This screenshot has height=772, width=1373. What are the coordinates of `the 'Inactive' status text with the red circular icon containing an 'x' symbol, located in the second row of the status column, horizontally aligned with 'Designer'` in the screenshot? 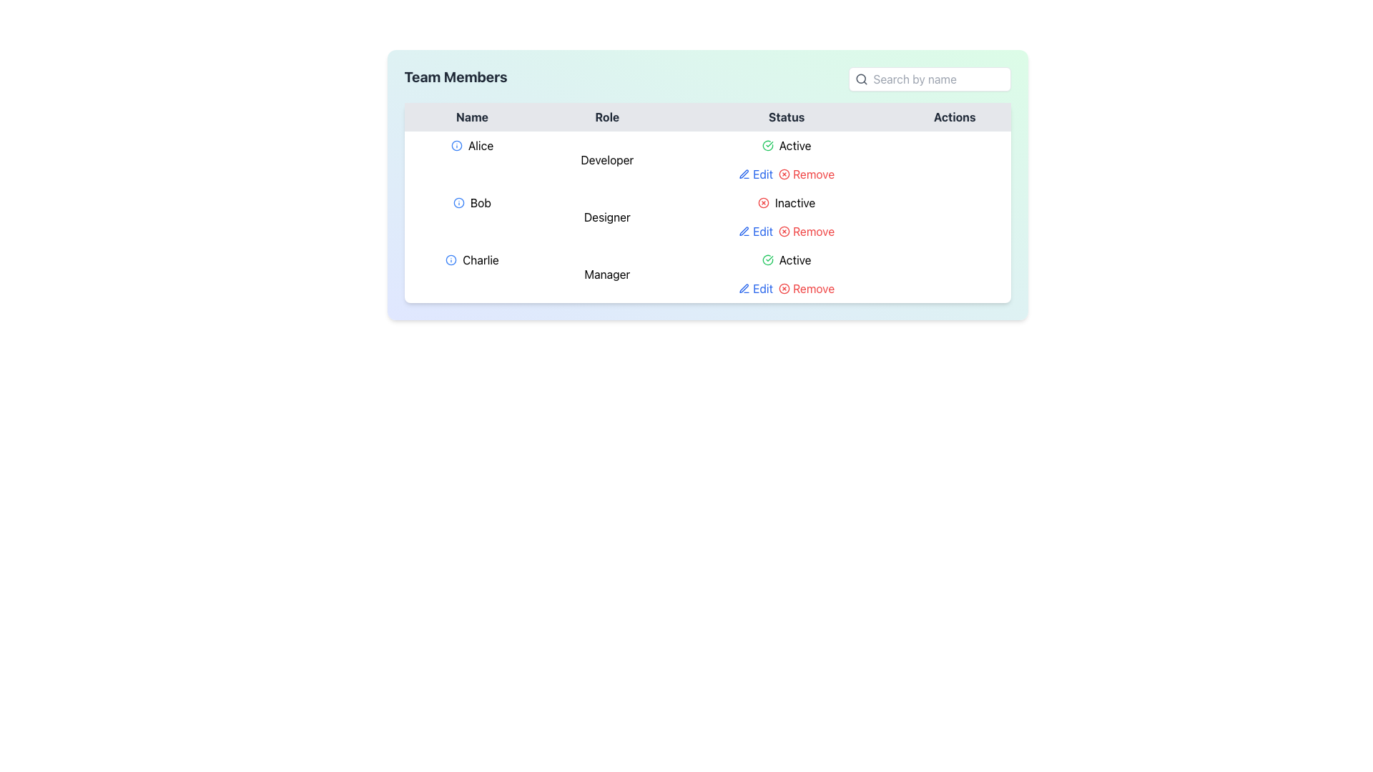 It's located at (786, 203).